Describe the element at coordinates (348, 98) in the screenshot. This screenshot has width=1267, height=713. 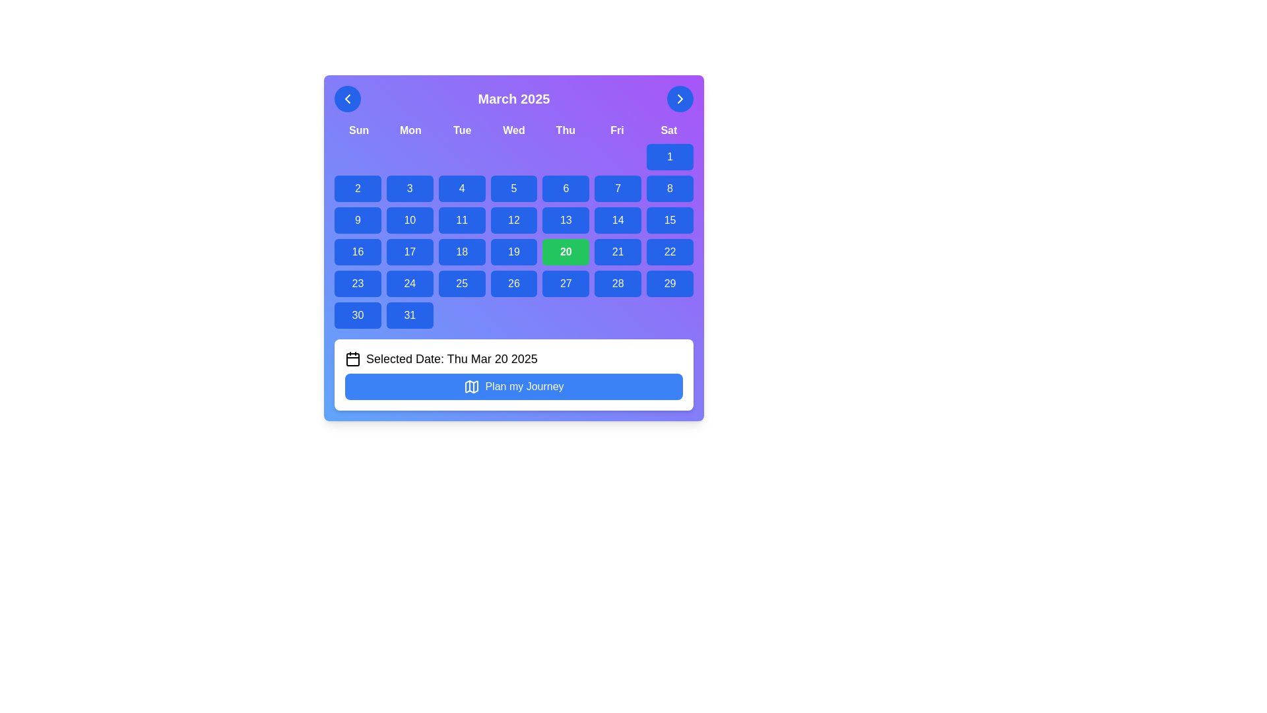
I see `the left-facing chevron icon button in the upper-left corner of the calendar view` at that location.